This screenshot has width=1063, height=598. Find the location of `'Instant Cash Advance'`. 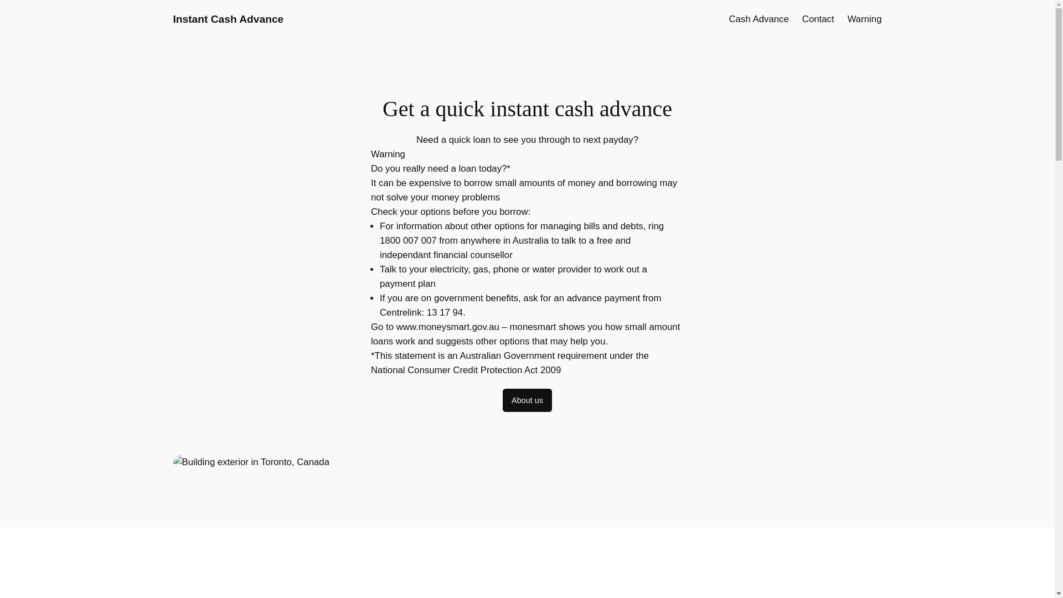

'Instant Cash Advance' is located at coordinates (228, 19).